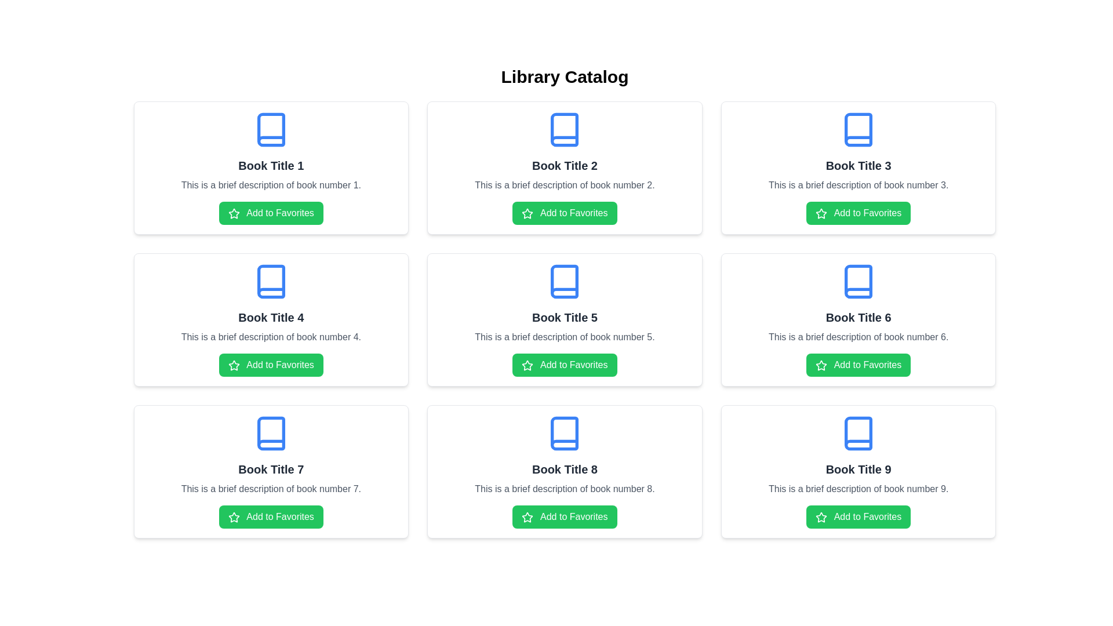 This screenshot has height=626, width=1113. I want to click on title and description of the book represented by the card located in the center of the grid layout, specifically in the second row and second column, so click(565, 319).